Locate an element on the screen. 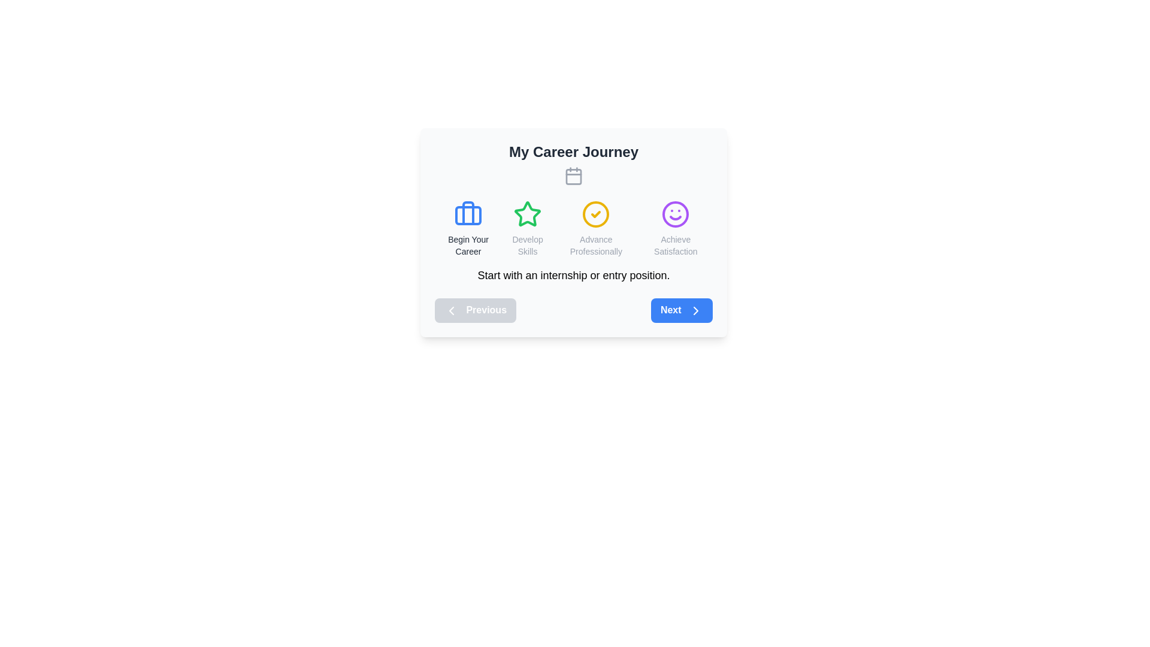  the text label that serves as a title or heading for its section, located above a calendar icon is located at coordinates (573, 152).